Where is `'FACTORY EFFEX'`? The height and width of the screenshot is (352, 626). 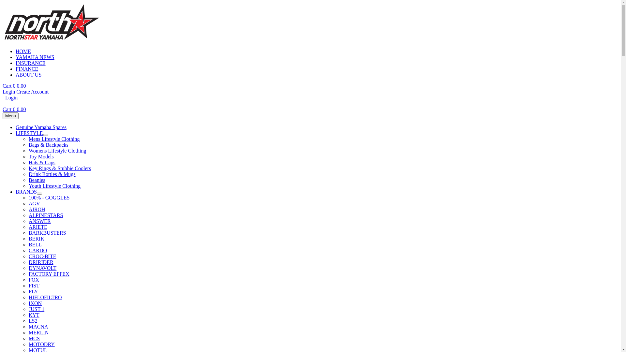
'FACTORY EFFEX' is located at coordinates (49, 274).